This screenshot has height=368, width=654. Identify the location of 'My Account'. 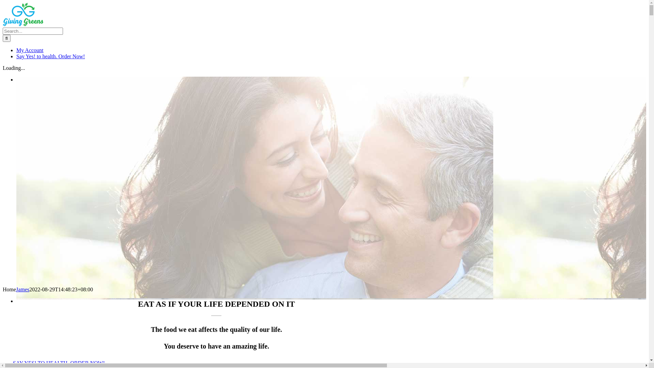
(29, 50).